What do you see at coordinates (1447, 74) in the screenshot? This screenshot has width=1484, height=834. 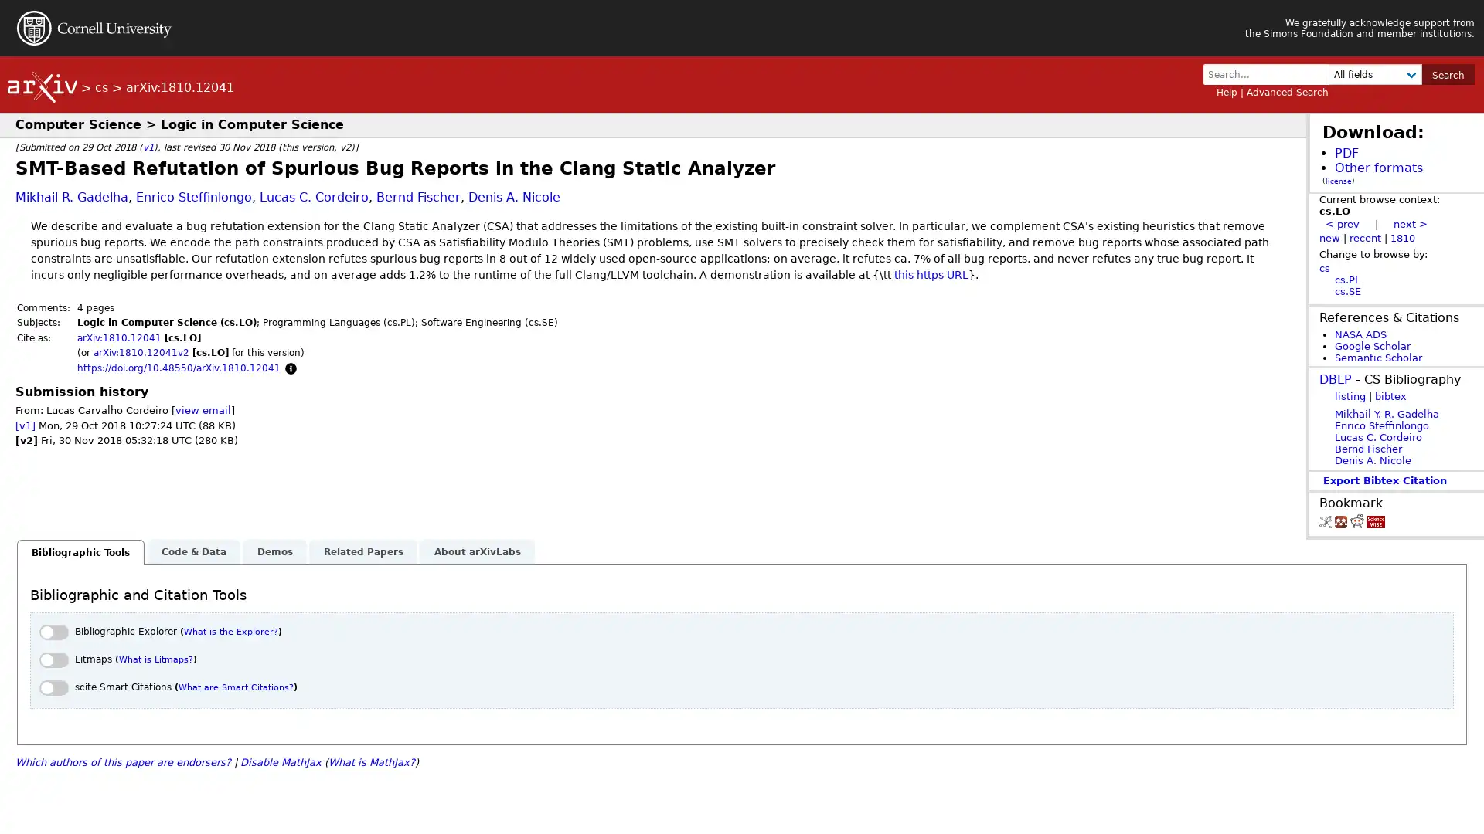 I see `Search` at bounding box center [1447, 74].